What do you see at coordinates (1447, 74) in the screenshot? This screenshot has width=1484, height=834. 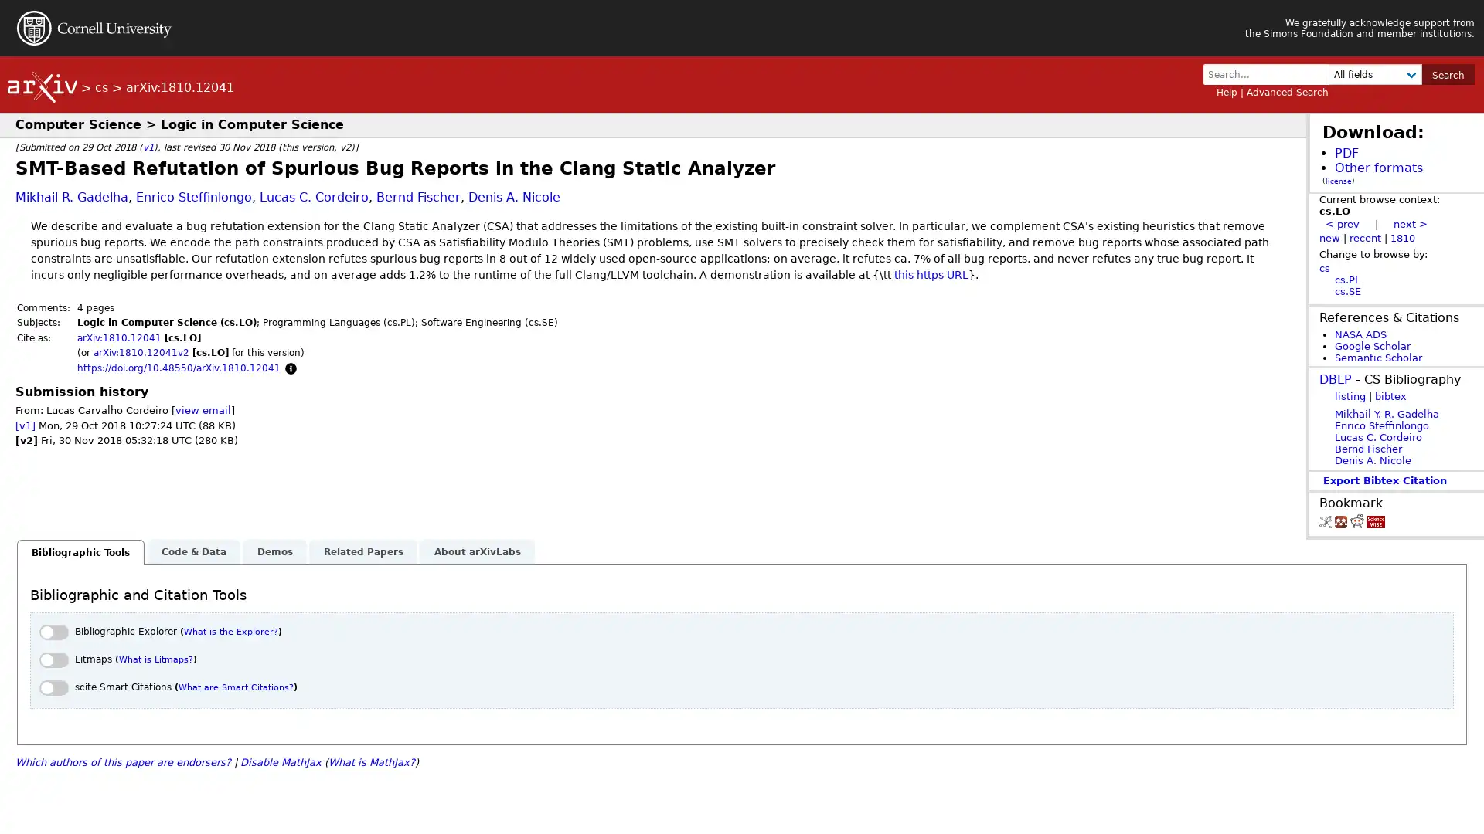 I see `Search` at bounding box center [1447, 74].